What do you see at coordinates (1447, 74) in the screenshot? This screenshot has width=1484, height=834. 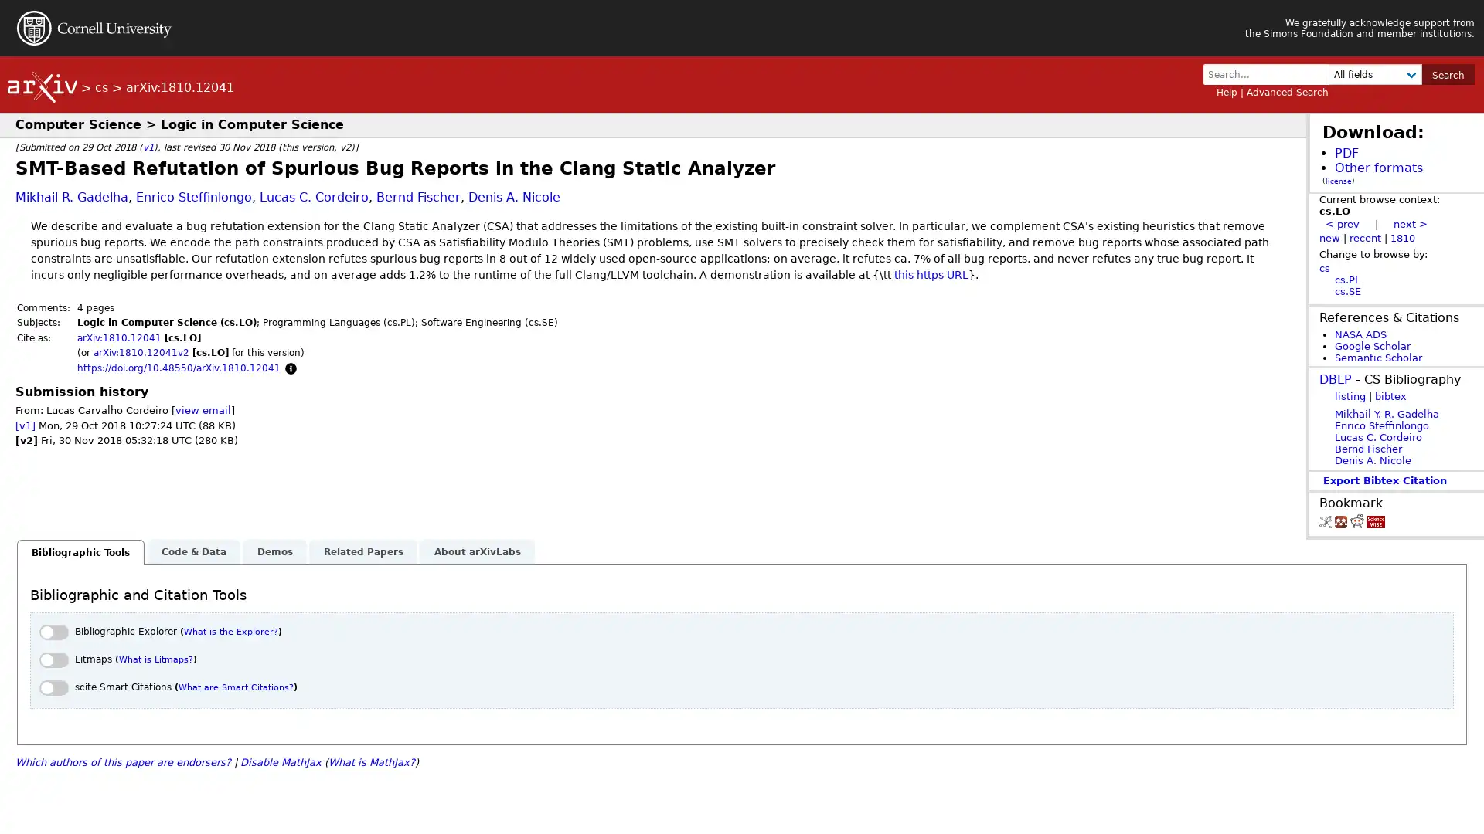 I see `Search` at bounding box center [1447, 74].